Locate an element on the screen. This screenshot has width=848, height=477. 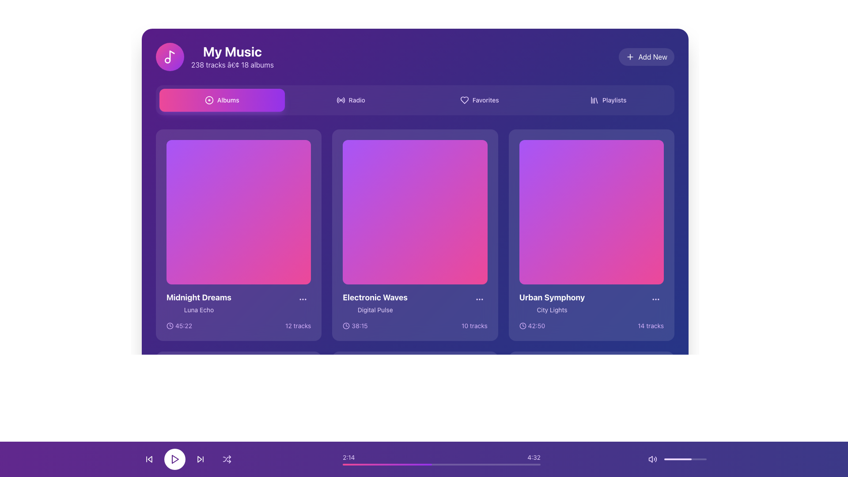
volume is located at coordinates (682, 459).